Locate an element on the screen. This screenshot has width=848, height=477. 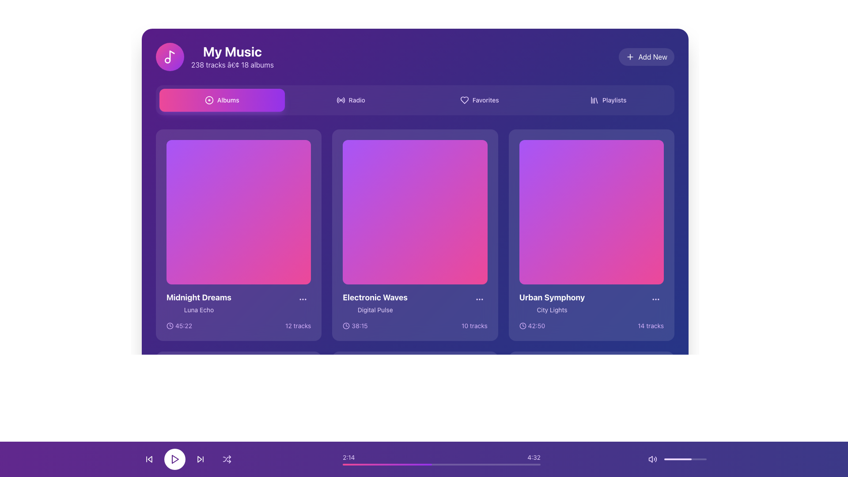
volume is located at coordinates (682, 459).